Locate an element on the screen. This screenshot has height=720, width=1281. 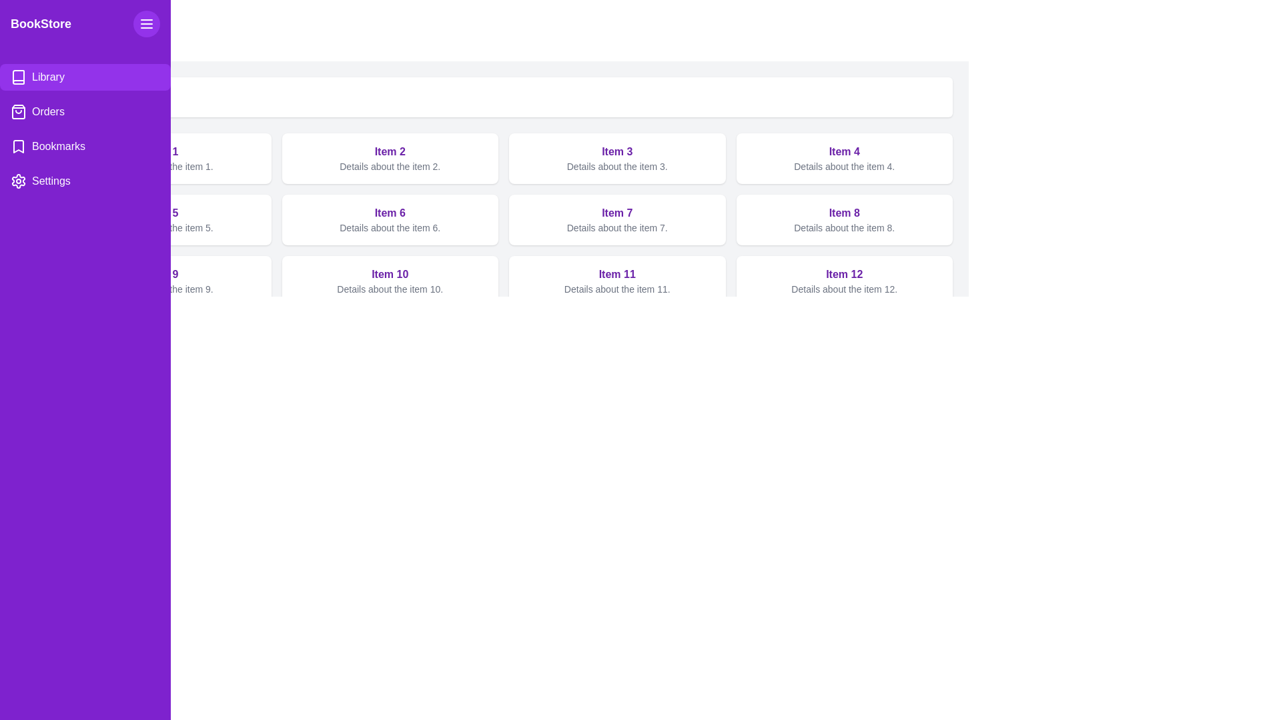
the Card in the first row and fourth column of the grid layout, which presents a specific item with its title and description is located at coordinates (843, 158).